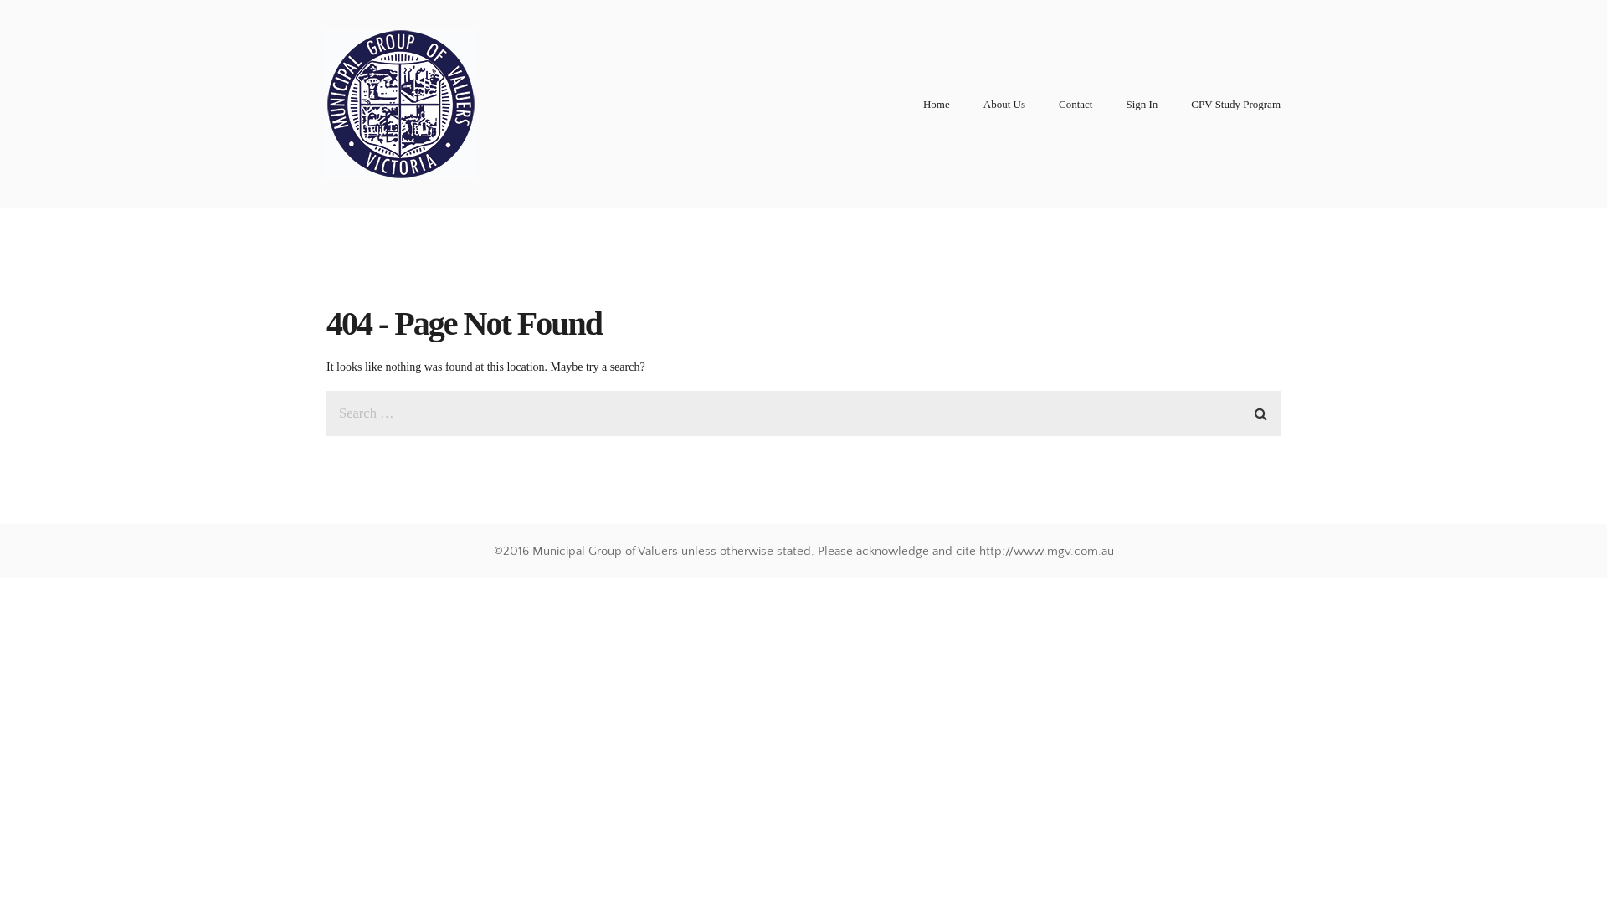  I want to click on 'Search', so click(1249, 410).